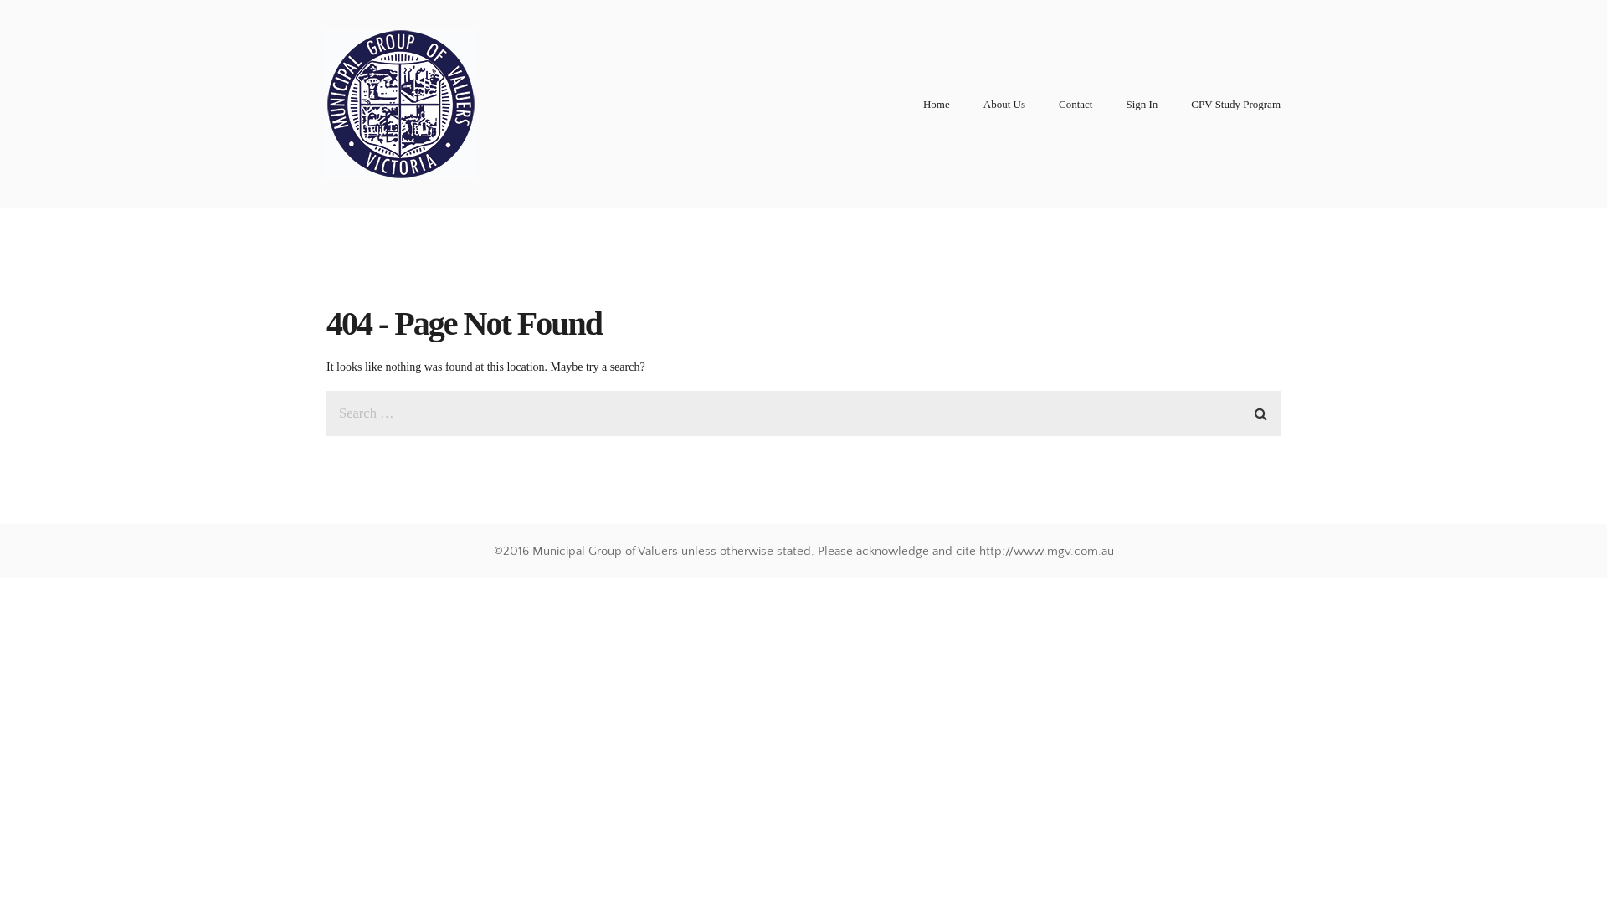  I want to click on 'Search', so click(1249, 410).